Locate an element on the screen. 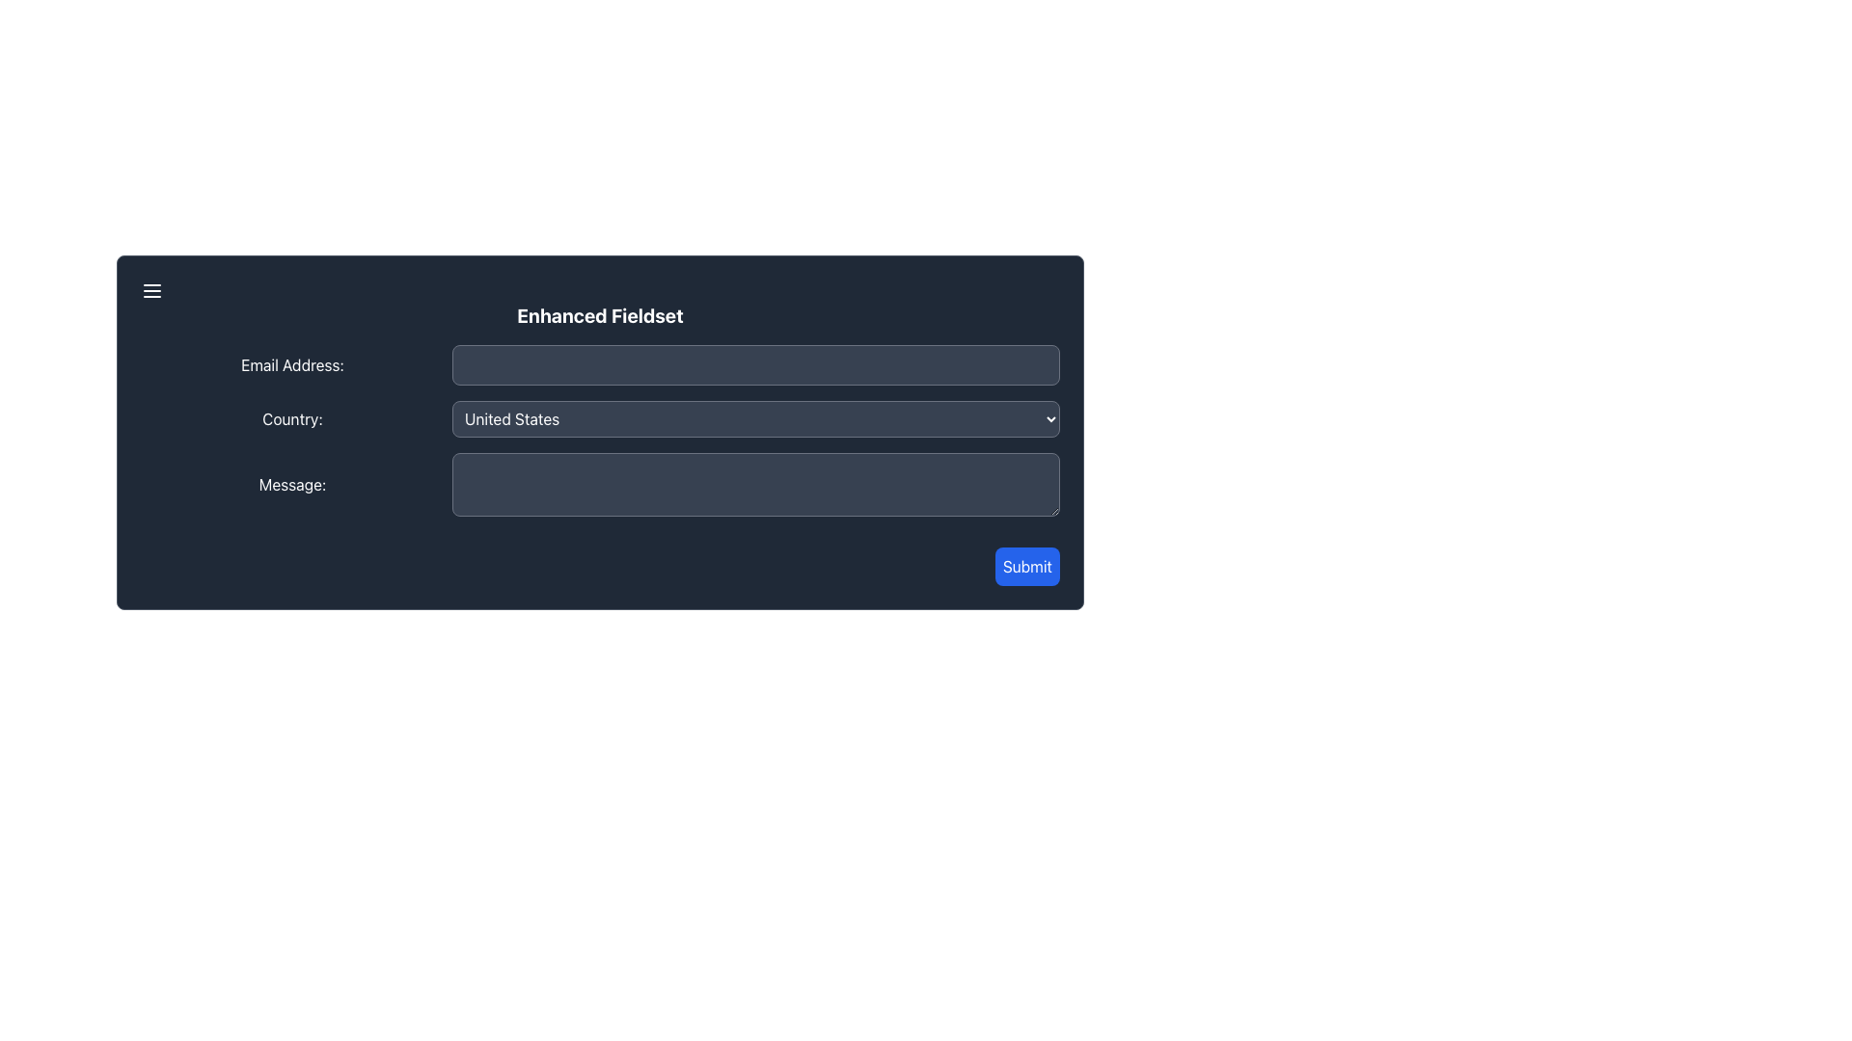 This screenshot has height=1041, width=1852. the text label 'Country:' which is styled in white against a dark background and located in the second row of the form, to the left of the country selection dropdown is located at coordinates (291, 418).